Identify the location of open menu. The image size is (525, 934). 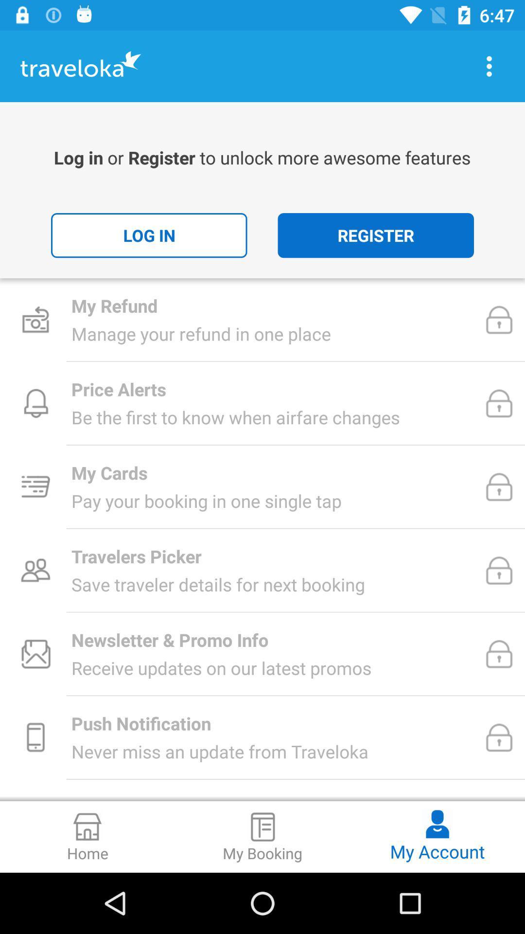
(489, 66).